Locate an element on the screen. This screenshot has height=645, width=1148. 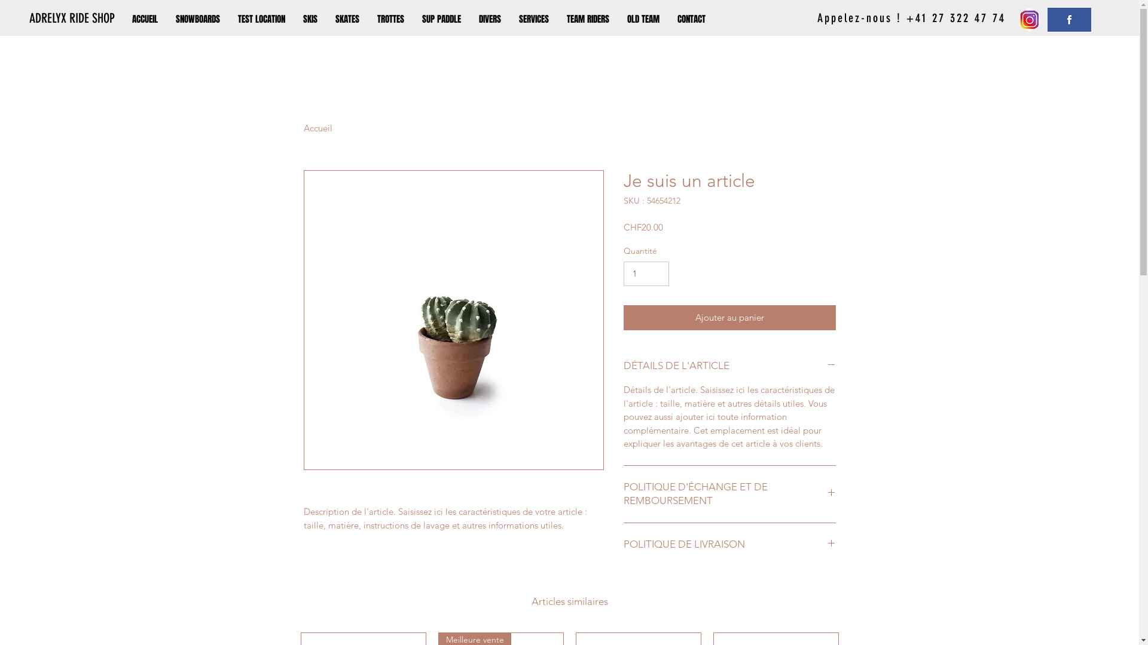
'TEAM RIDERS' is located at coordinates (588, 19).